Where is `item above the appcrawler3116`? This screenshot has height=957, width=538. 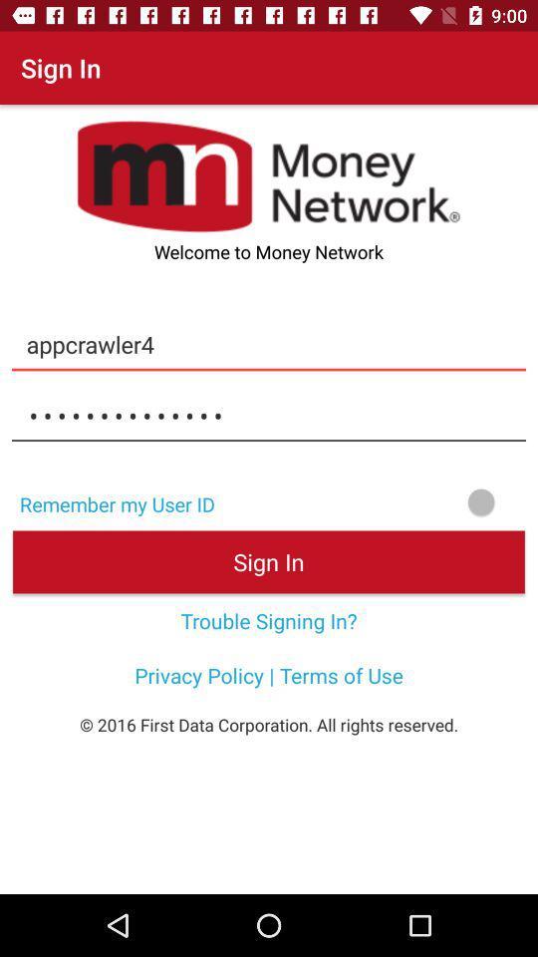
item above the appcrawler3116 is located at coordinates (269, 344).